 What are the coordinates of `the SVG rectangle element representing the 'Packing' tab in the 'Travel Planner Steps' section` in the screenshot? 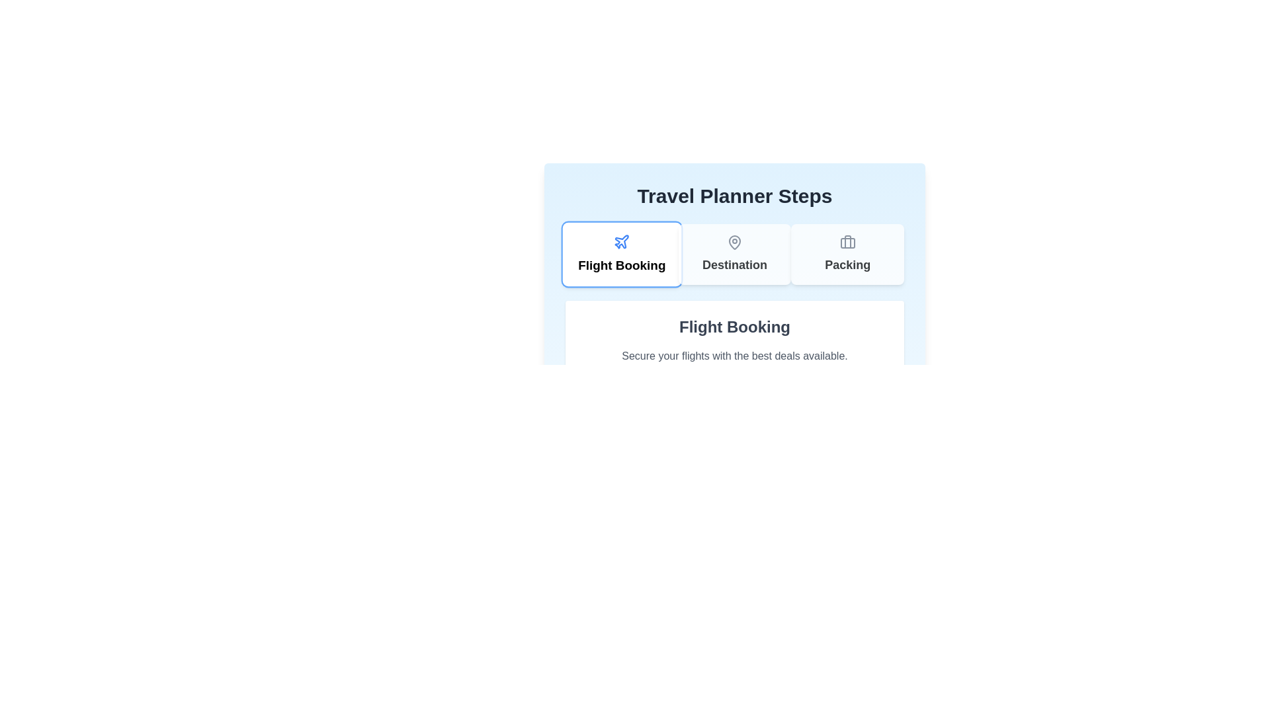 It's located at (847, 243).